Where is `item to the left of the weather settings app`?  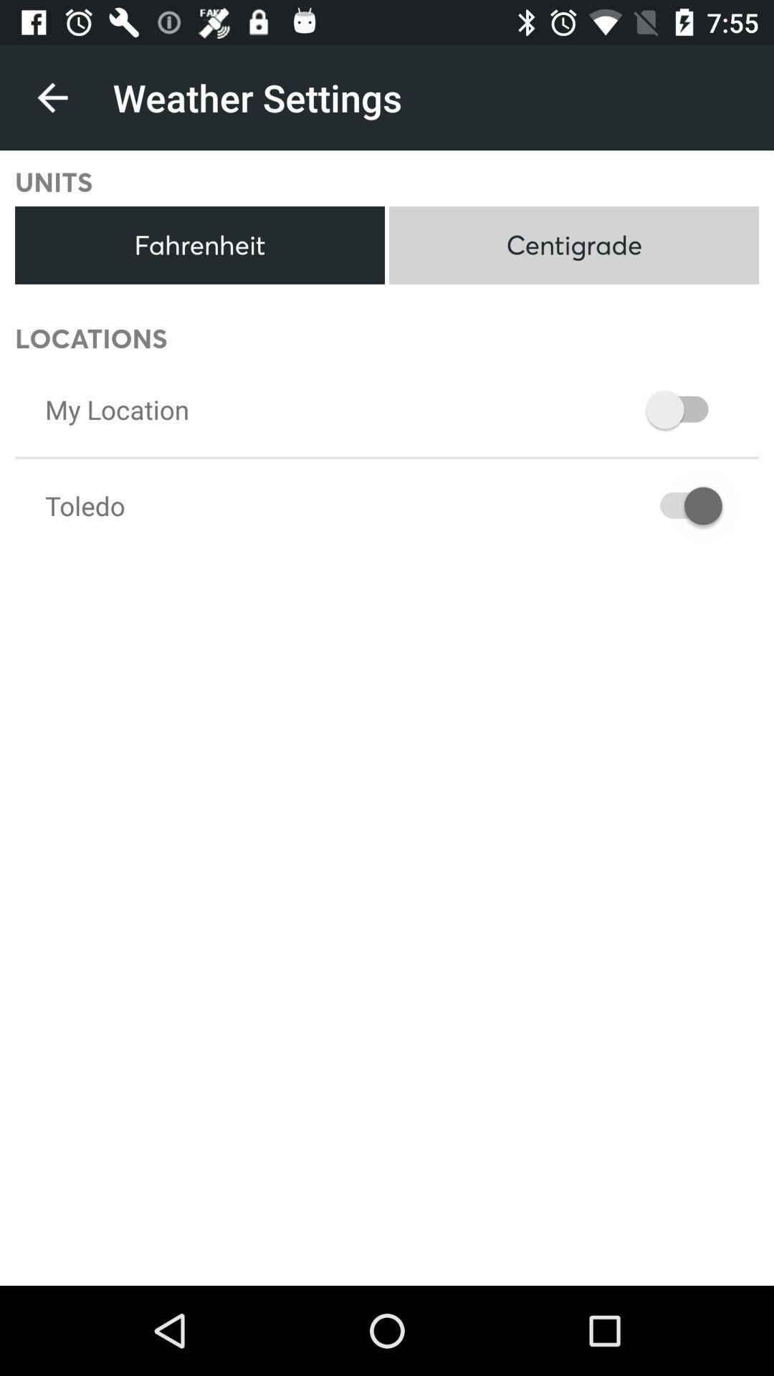
item to the left of the weather settings app is located at coordinates (52, 97).